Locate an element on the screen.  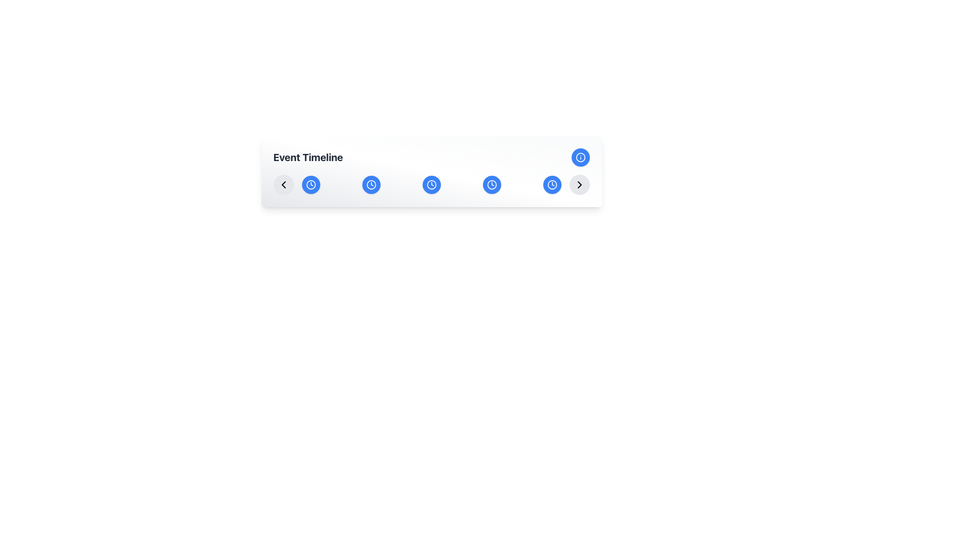
the timestamp icon which is the second circular blue button in the horizontal Event Timeline interface is located at coordinates (310, 185).